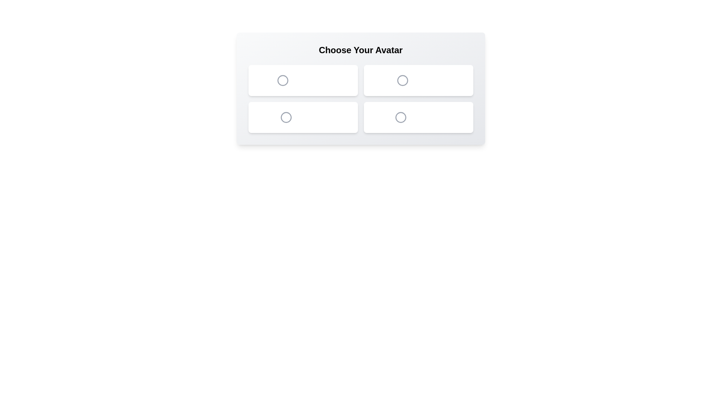  What do you see at coordinates (418, 117) in the screenshot?
I see `the 'Innovator' avatar selection button located in the bottom-right of the grid layout, which is the second button in the second row` at bounding box center [418, 117].